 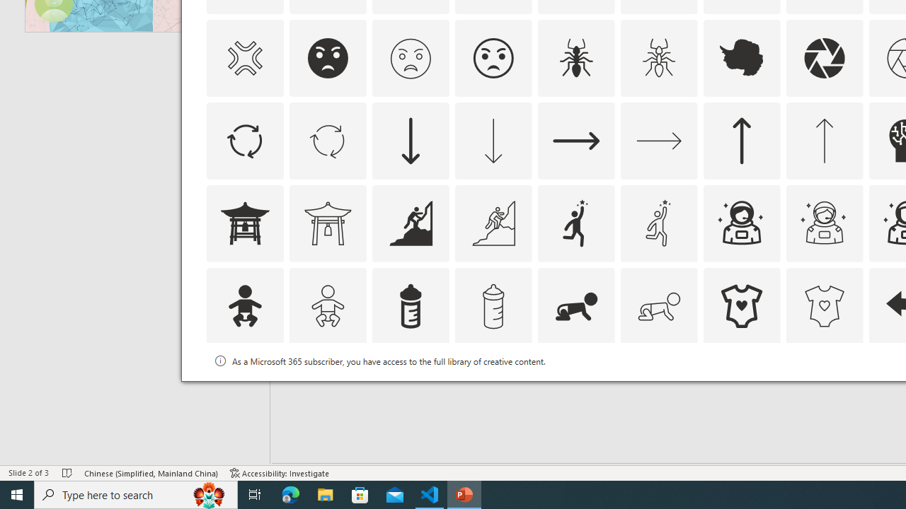 What do you see at coordinates (244, 305) in the screenshot?
I see `'AutomationID: Icons_Baby'` at bounding box center [244, 305].